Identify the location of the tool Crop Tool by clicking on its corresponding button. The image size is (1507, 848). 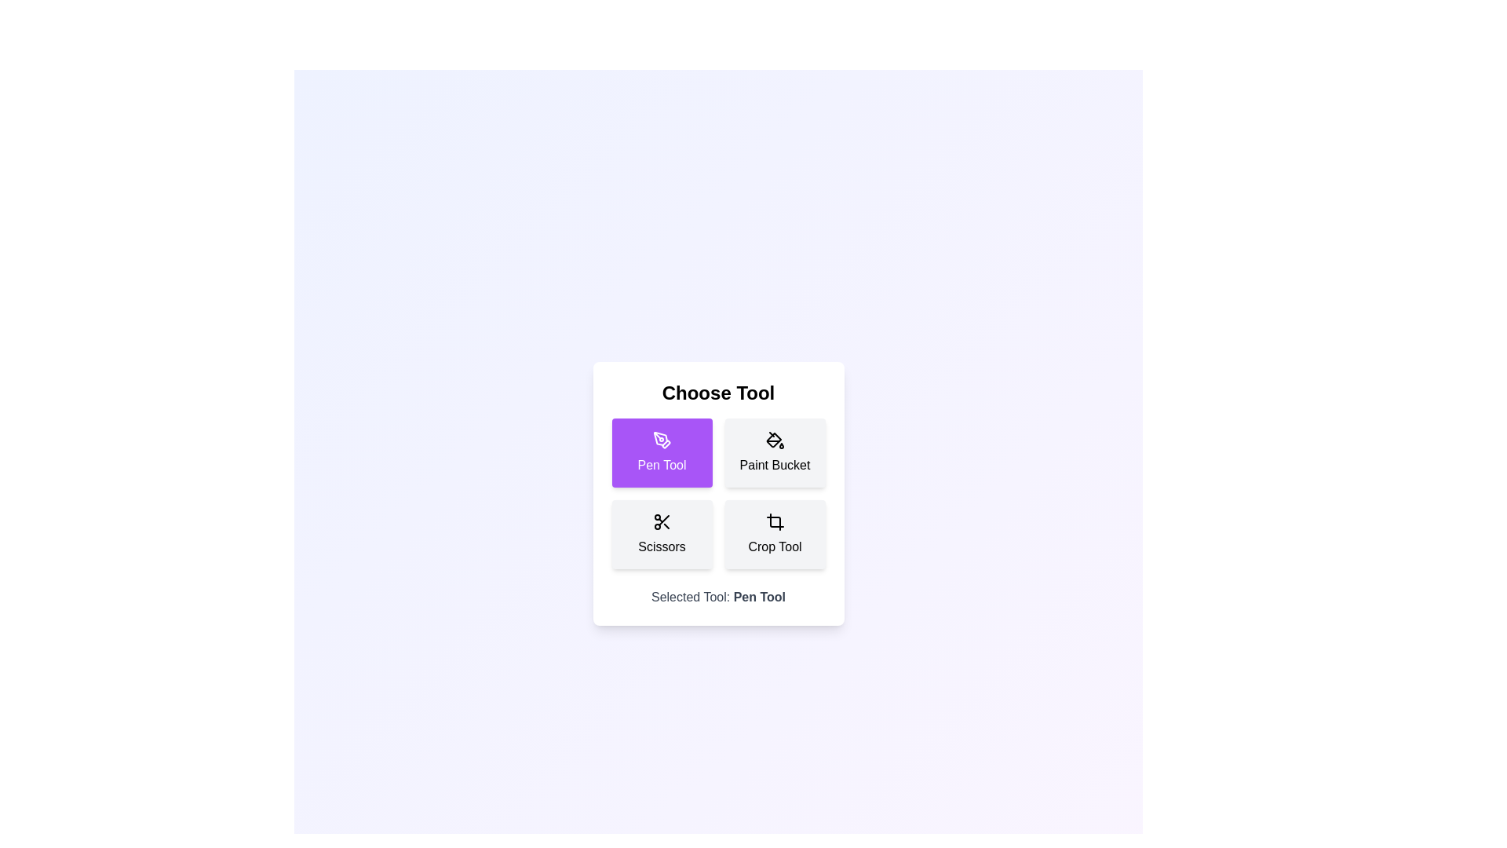
(775, 534).